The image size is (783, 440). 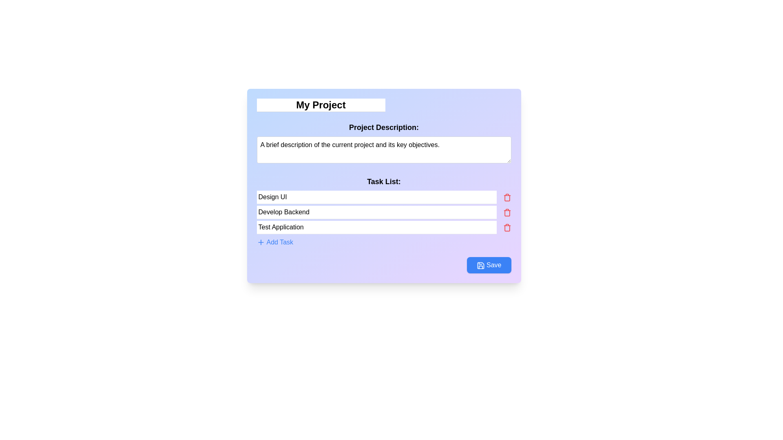 I want to click on the heading text element that indicates the task list section, which is centrally aligned below the 'Project Description' and above the task input fields, so click(x=383, y=186).